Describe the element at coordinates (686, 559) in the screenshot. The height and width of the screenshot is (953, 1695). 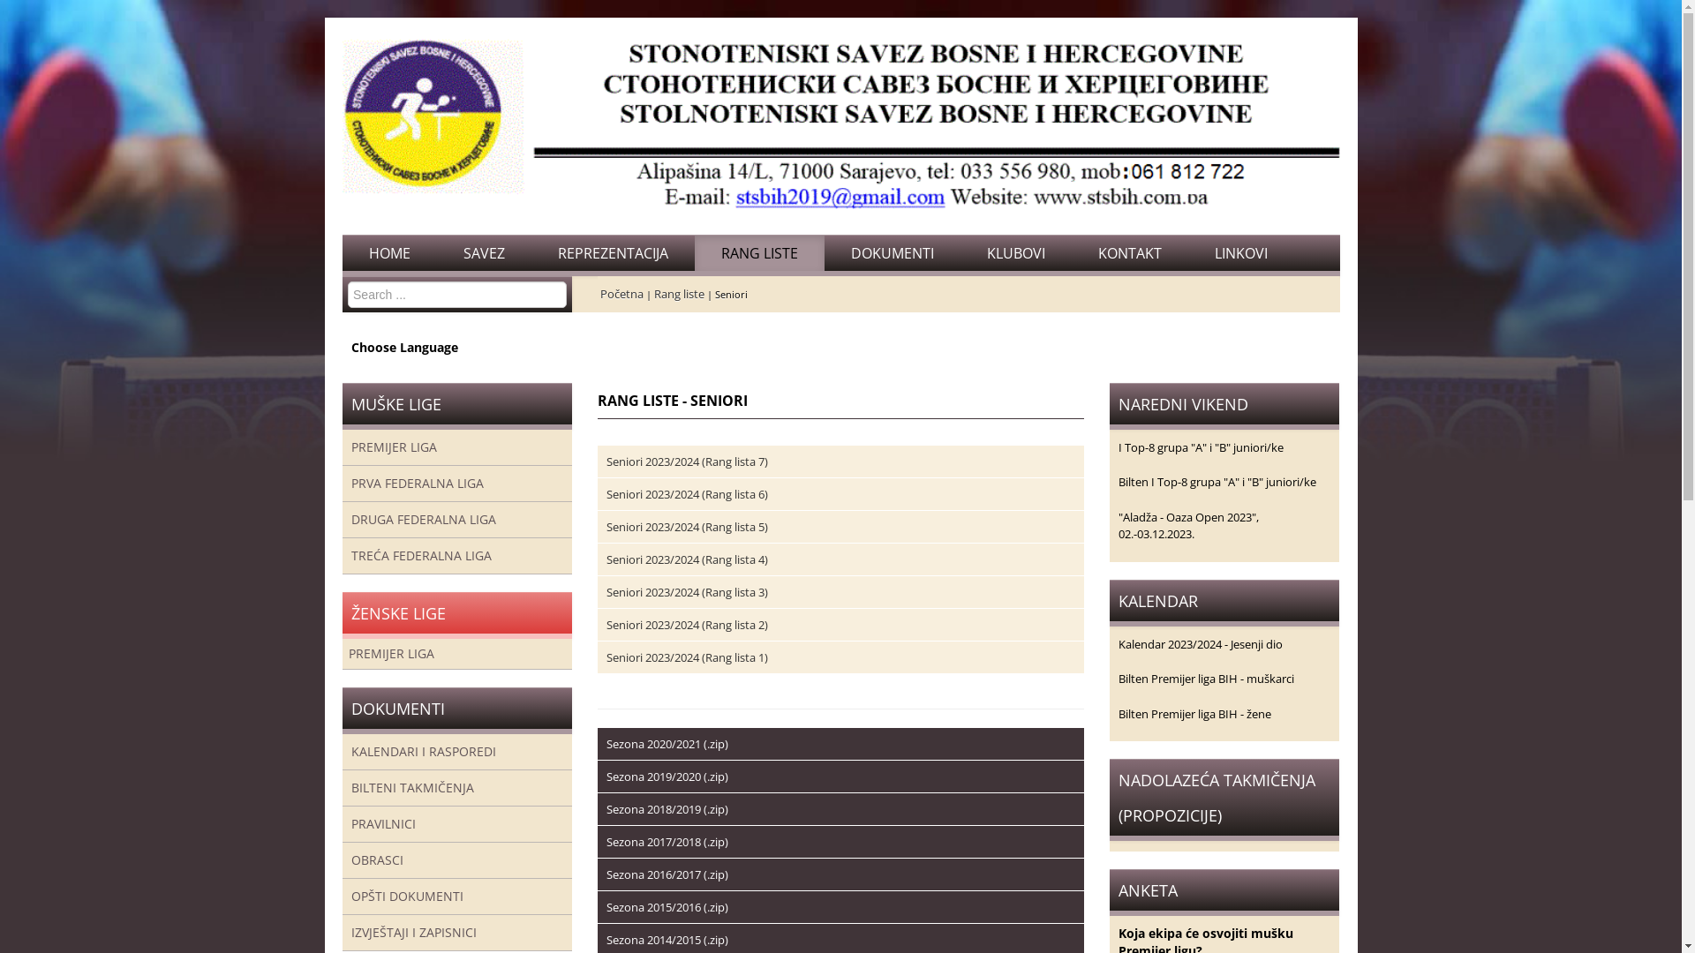
I see `'Seniori 2023/2024 (Rang lista 4)'` at that location.